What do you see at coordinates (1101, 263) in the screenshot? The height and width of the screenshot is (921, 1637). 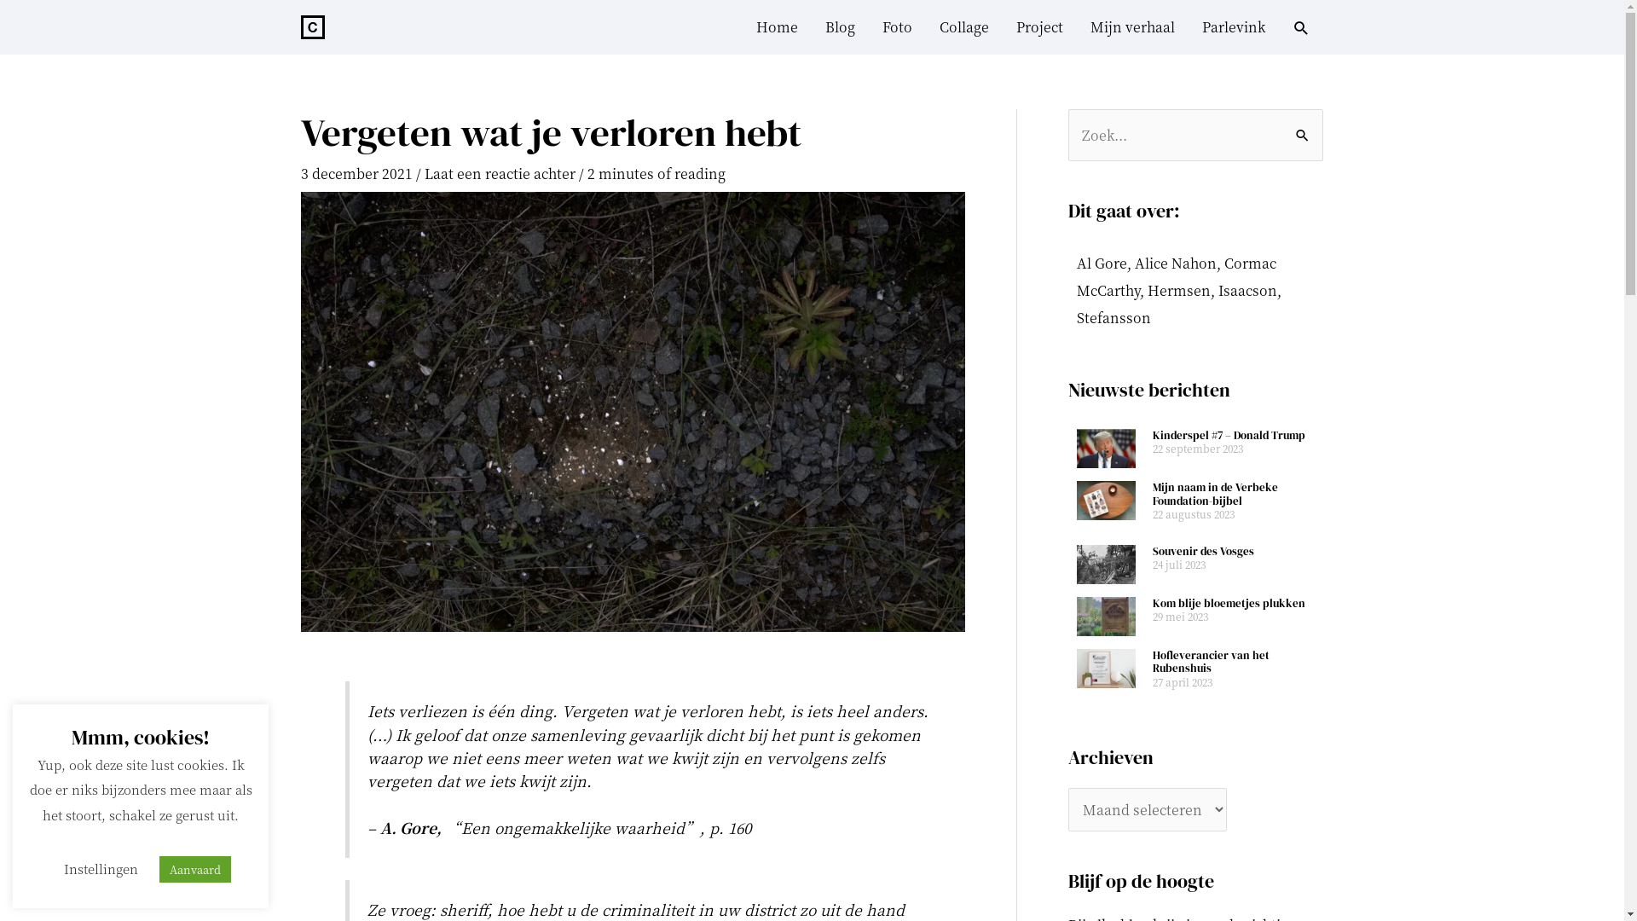 I see `'Al Gore'` at bounding box center [1101, 263].